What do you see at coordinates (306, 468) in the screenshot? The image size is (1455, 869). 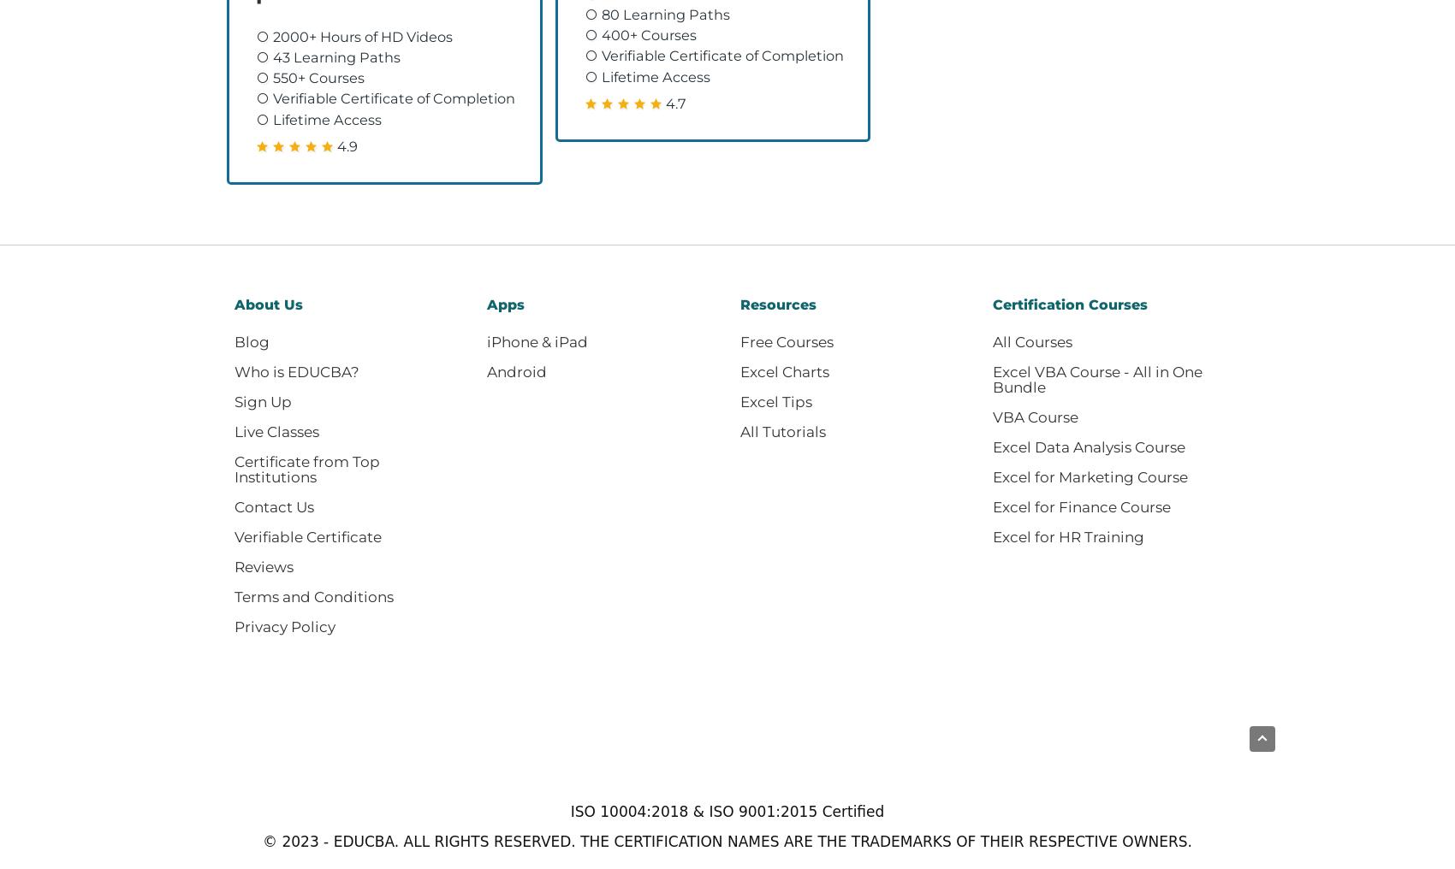 I see `'Certificate from Top Institutions'` at bounding box center [306, 468].